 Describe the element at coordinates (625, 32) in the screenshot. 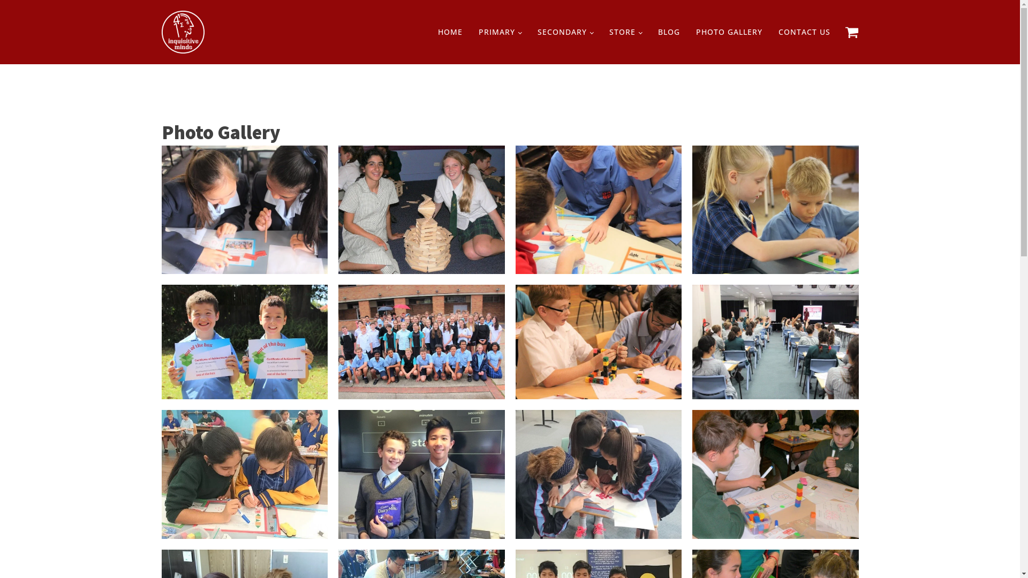

I see `'STORE'` at that location.